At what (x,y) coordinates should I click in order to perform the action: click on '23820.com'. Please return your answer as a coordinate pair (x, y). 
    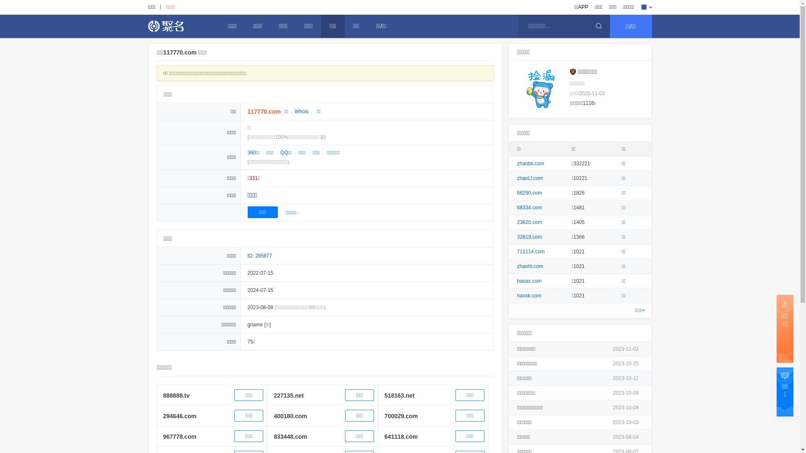
    Looking at the image, I should click on (529, 221).